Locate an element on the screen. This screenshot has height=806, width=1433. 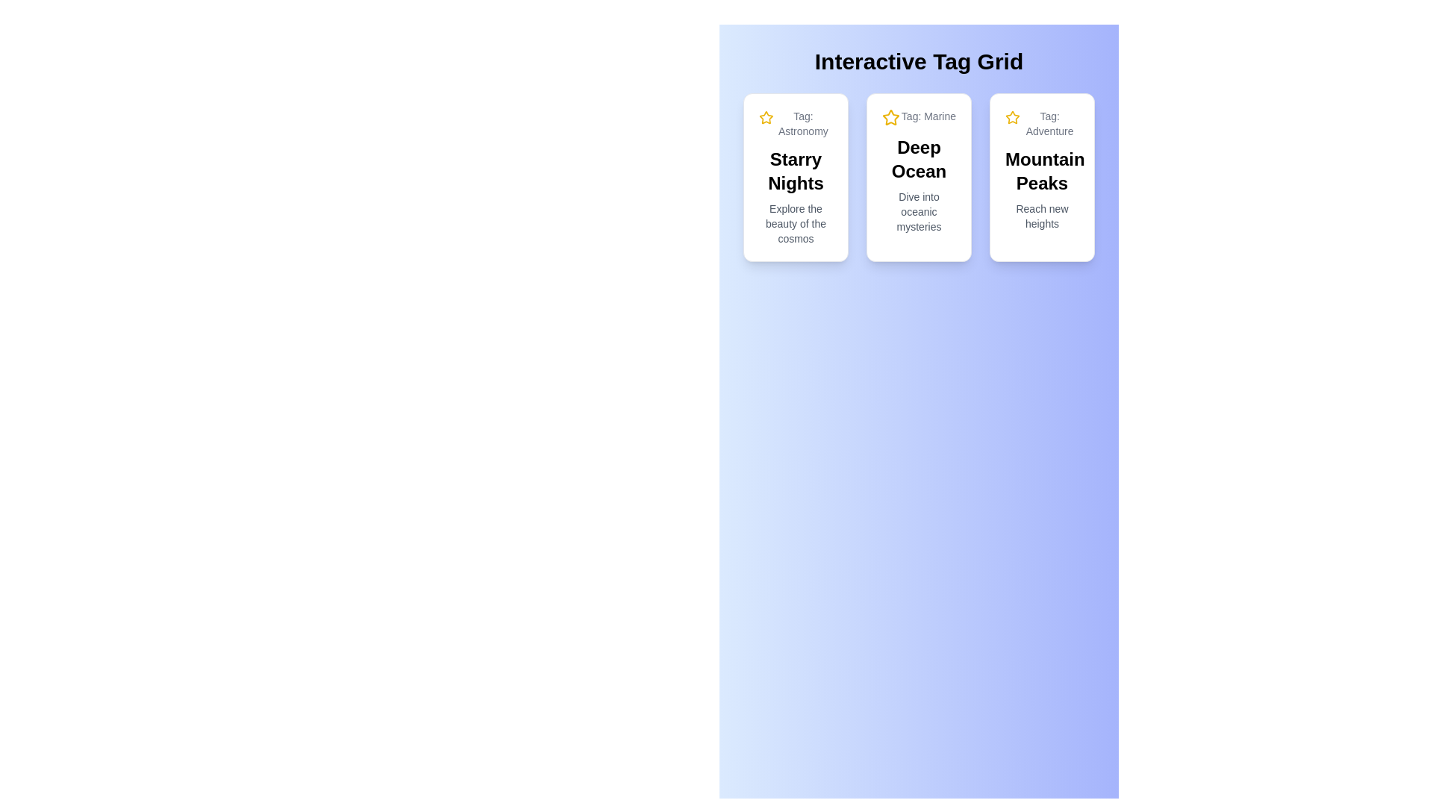
the descriptive tagline below the 'Mountain Peaks' title in the third card of the grid layout is located at coordinates (1041, 216).